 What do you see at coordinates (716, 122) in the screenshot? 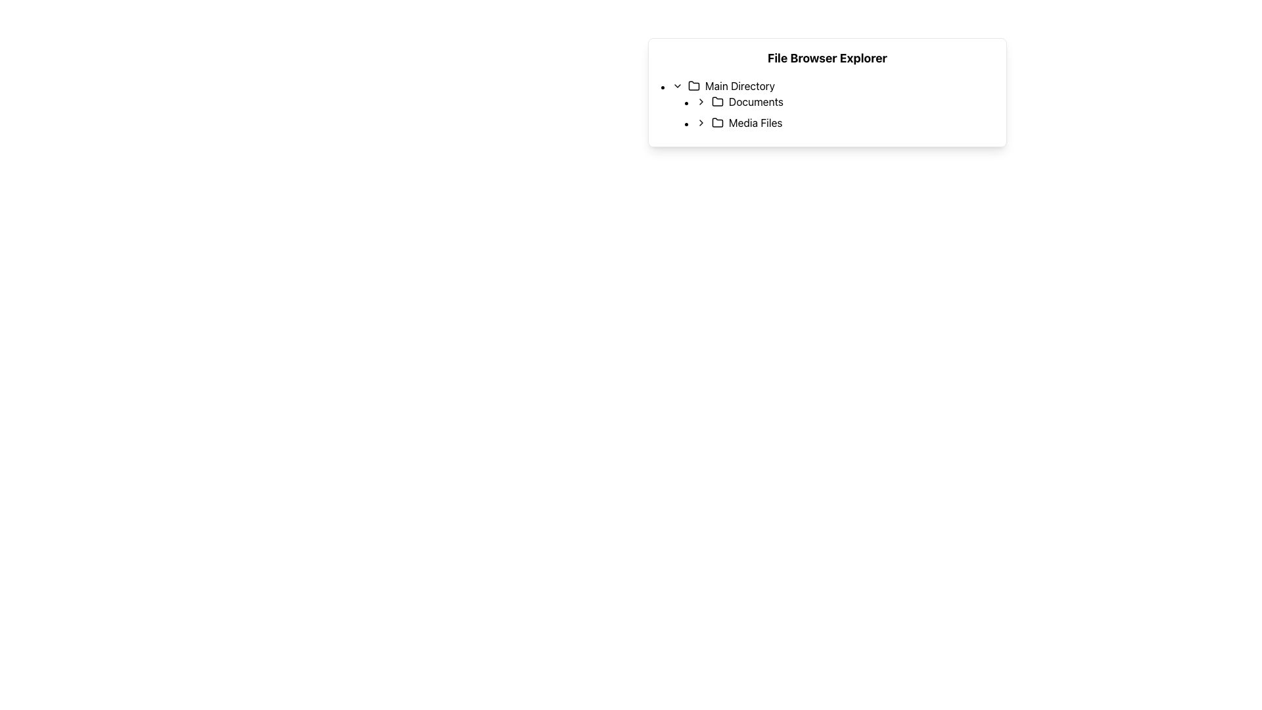
I see `the folder icon associated with the 'Media Files' entry` at bounding box center [716, 122].